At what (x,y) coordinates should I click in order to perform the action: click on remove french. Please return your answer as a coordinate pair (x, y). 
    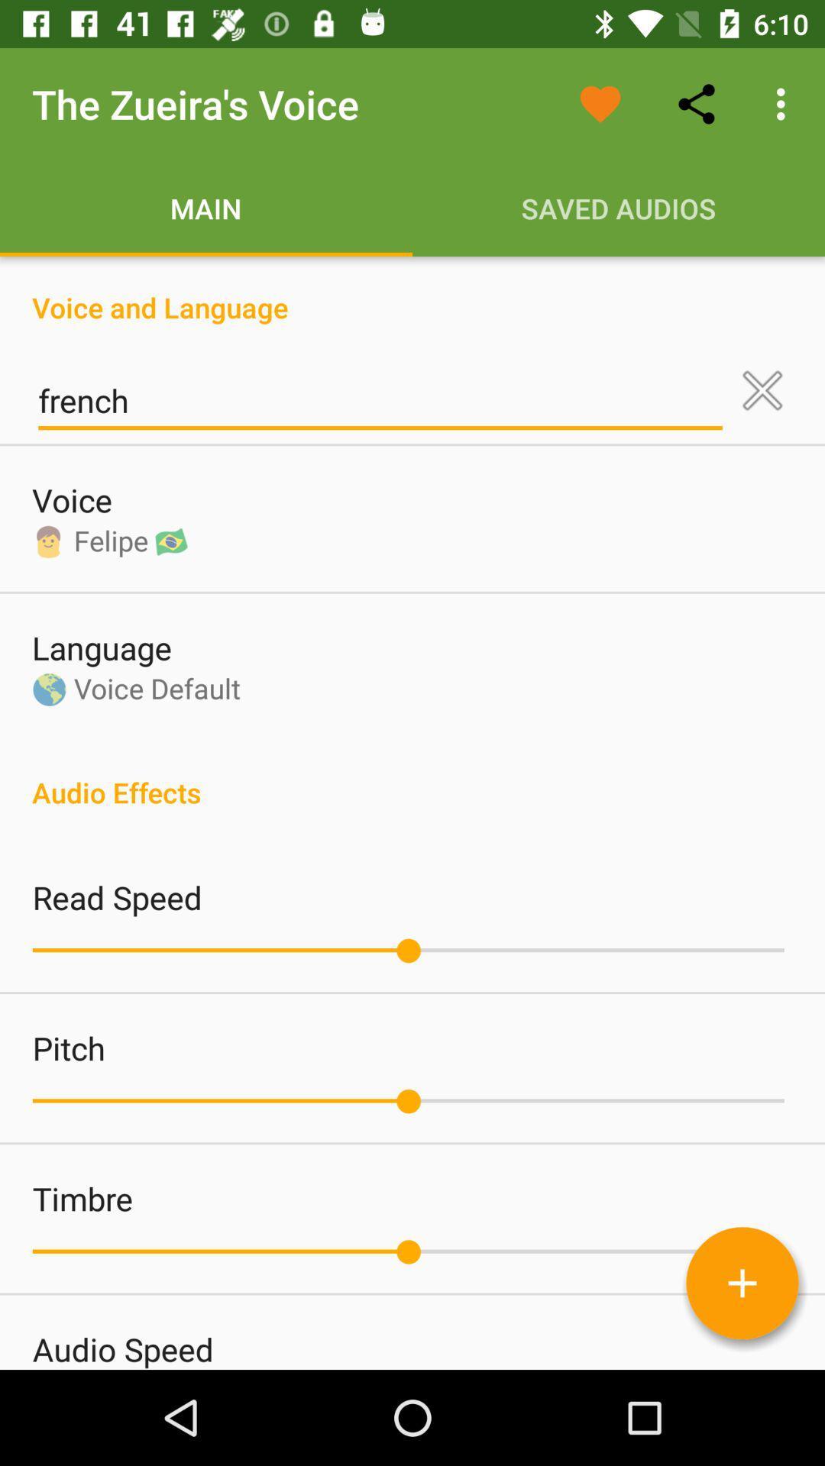
    Looking at the image, I should click on (762, 390).